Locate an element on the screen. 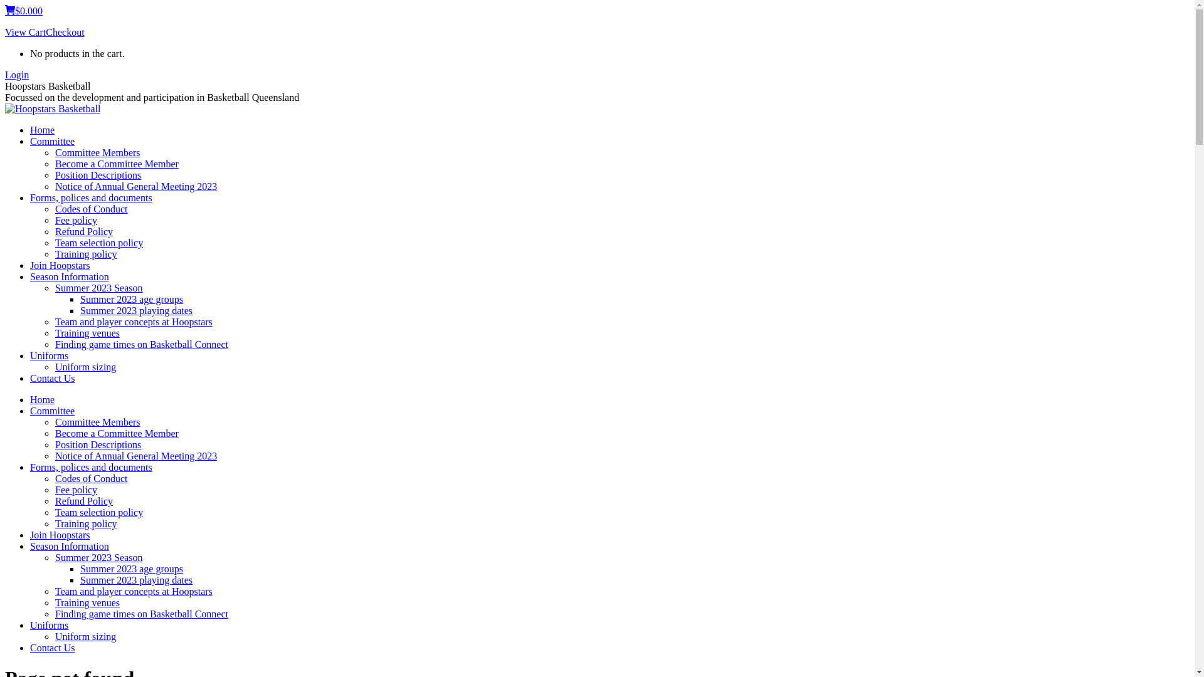  'Join Hoopstars' is located at coordinates (60, 265).